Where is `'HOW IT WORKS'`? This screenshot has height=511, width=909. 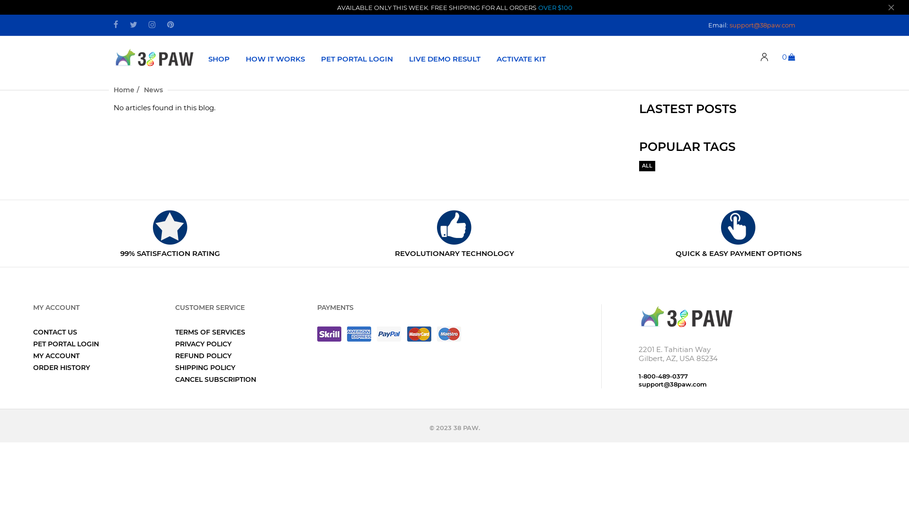
'HOW IT WORKS' is located at coordinates (275, 58).